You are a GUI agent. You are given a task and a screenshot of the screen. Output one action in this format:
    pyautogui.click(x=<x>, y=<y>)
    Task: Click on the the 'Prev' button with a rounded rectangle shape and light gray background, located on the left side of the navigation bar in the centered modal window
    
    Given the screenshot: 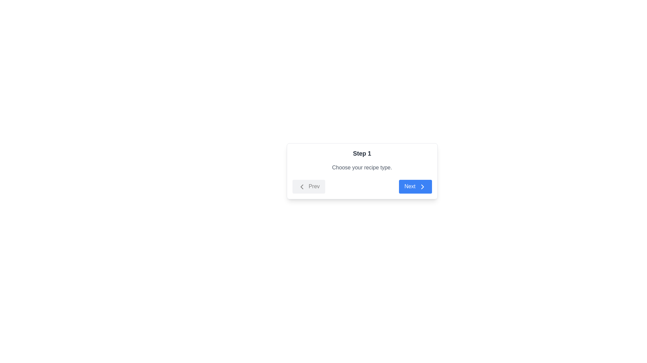 What is the action you would take?
    pyautogui.click(x=308, y=187)
    